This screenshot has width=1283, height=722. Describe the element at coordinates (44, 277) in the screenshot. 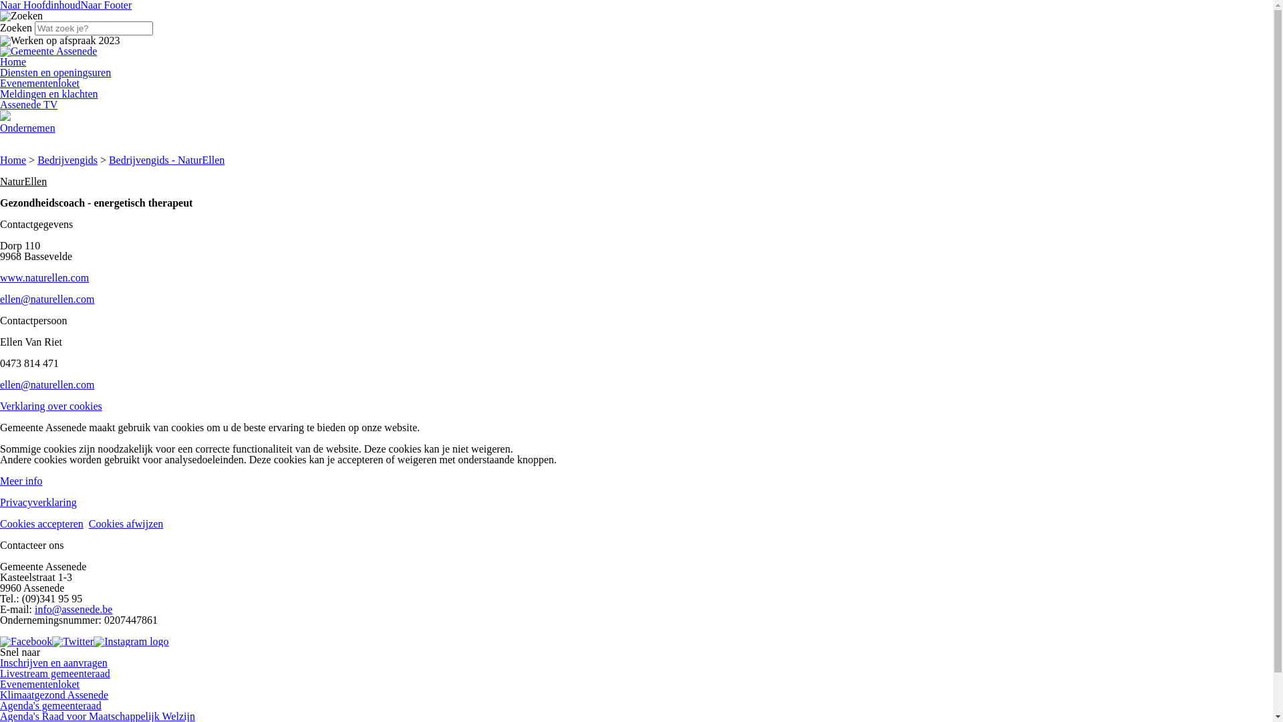

I see `'www.naturellen.com'` at that location.